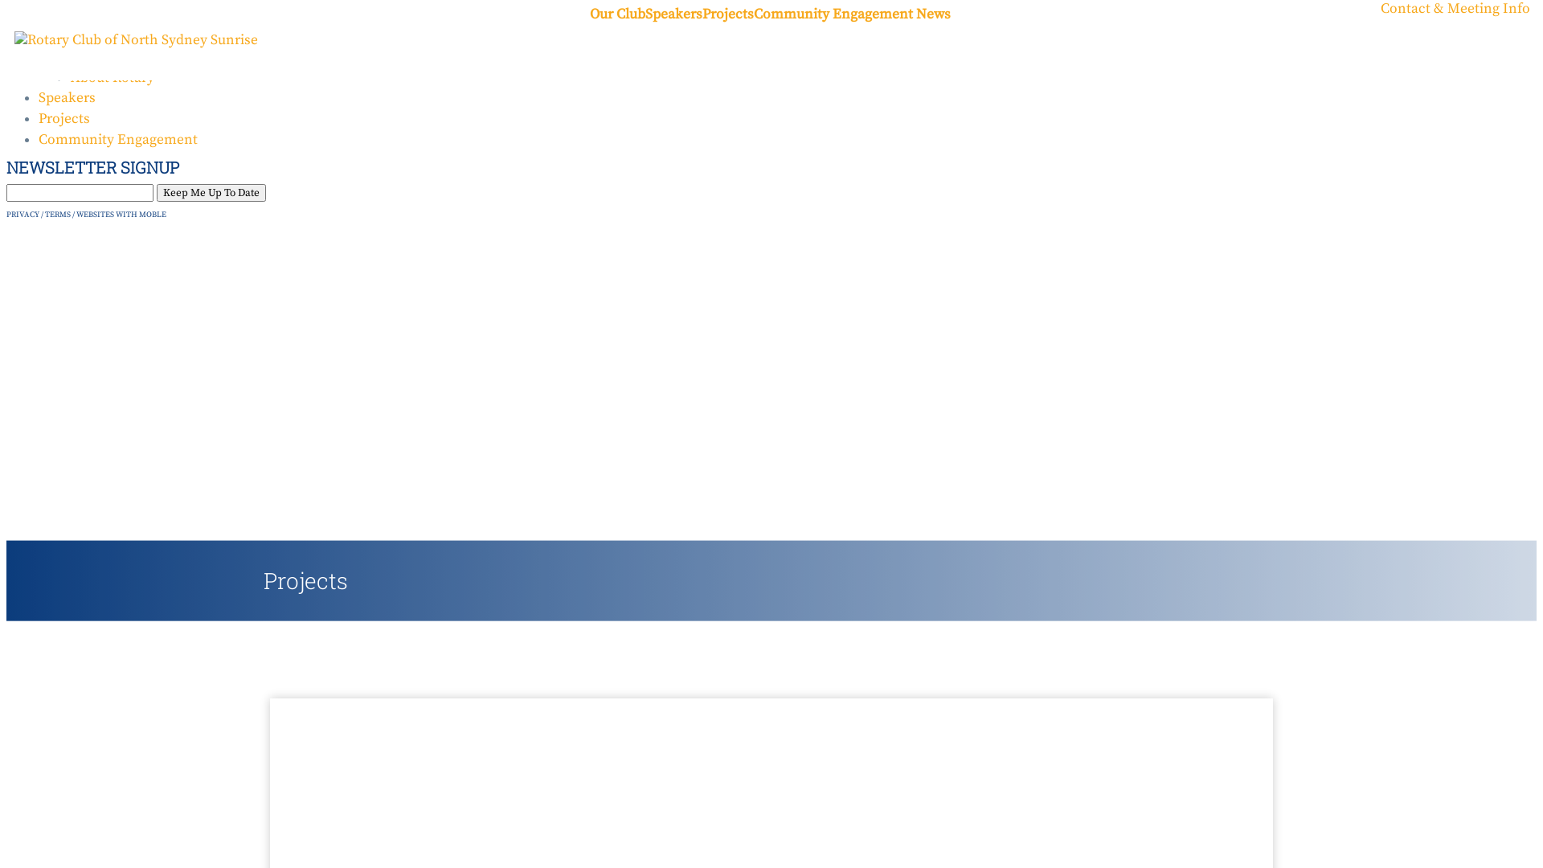 The height and width of the screenshot is (868, 1543). What do you see at coordinates (23, 213) in the screenshot?
I see `'PRIVACY'` at bounding box center [23, 213].